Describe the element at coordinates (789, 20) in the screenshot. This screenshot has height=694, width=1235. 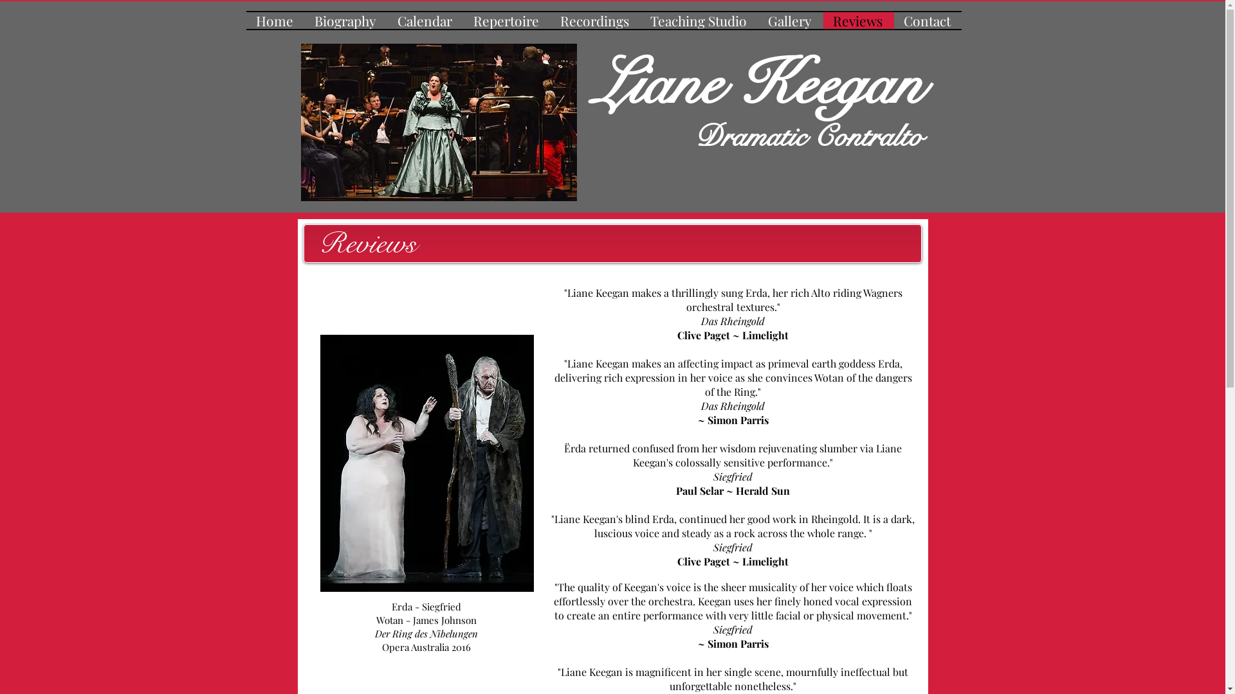
I see `'Gallery'` at that location.